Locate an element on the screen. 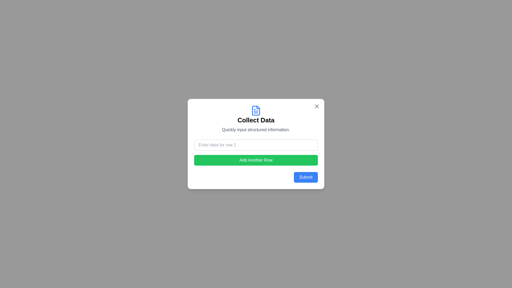 Image resolution: width=512 pixels, height=288 pixels. 'Add Another Row' button to append a new input row is located at coordinates (256, 160).